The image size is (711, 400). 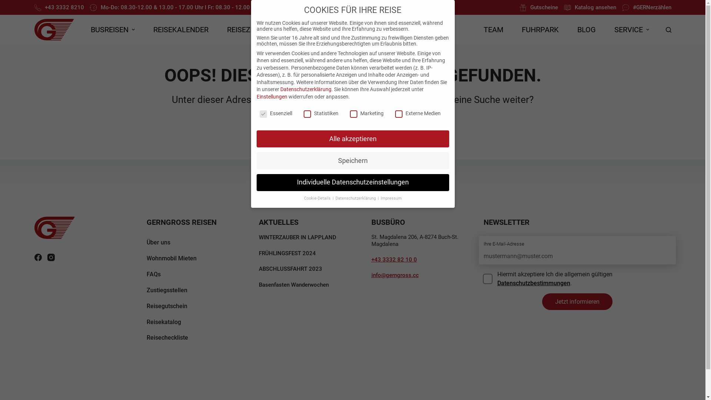 I want to click on 'REISEZIELE', so click(x=217, y=29).